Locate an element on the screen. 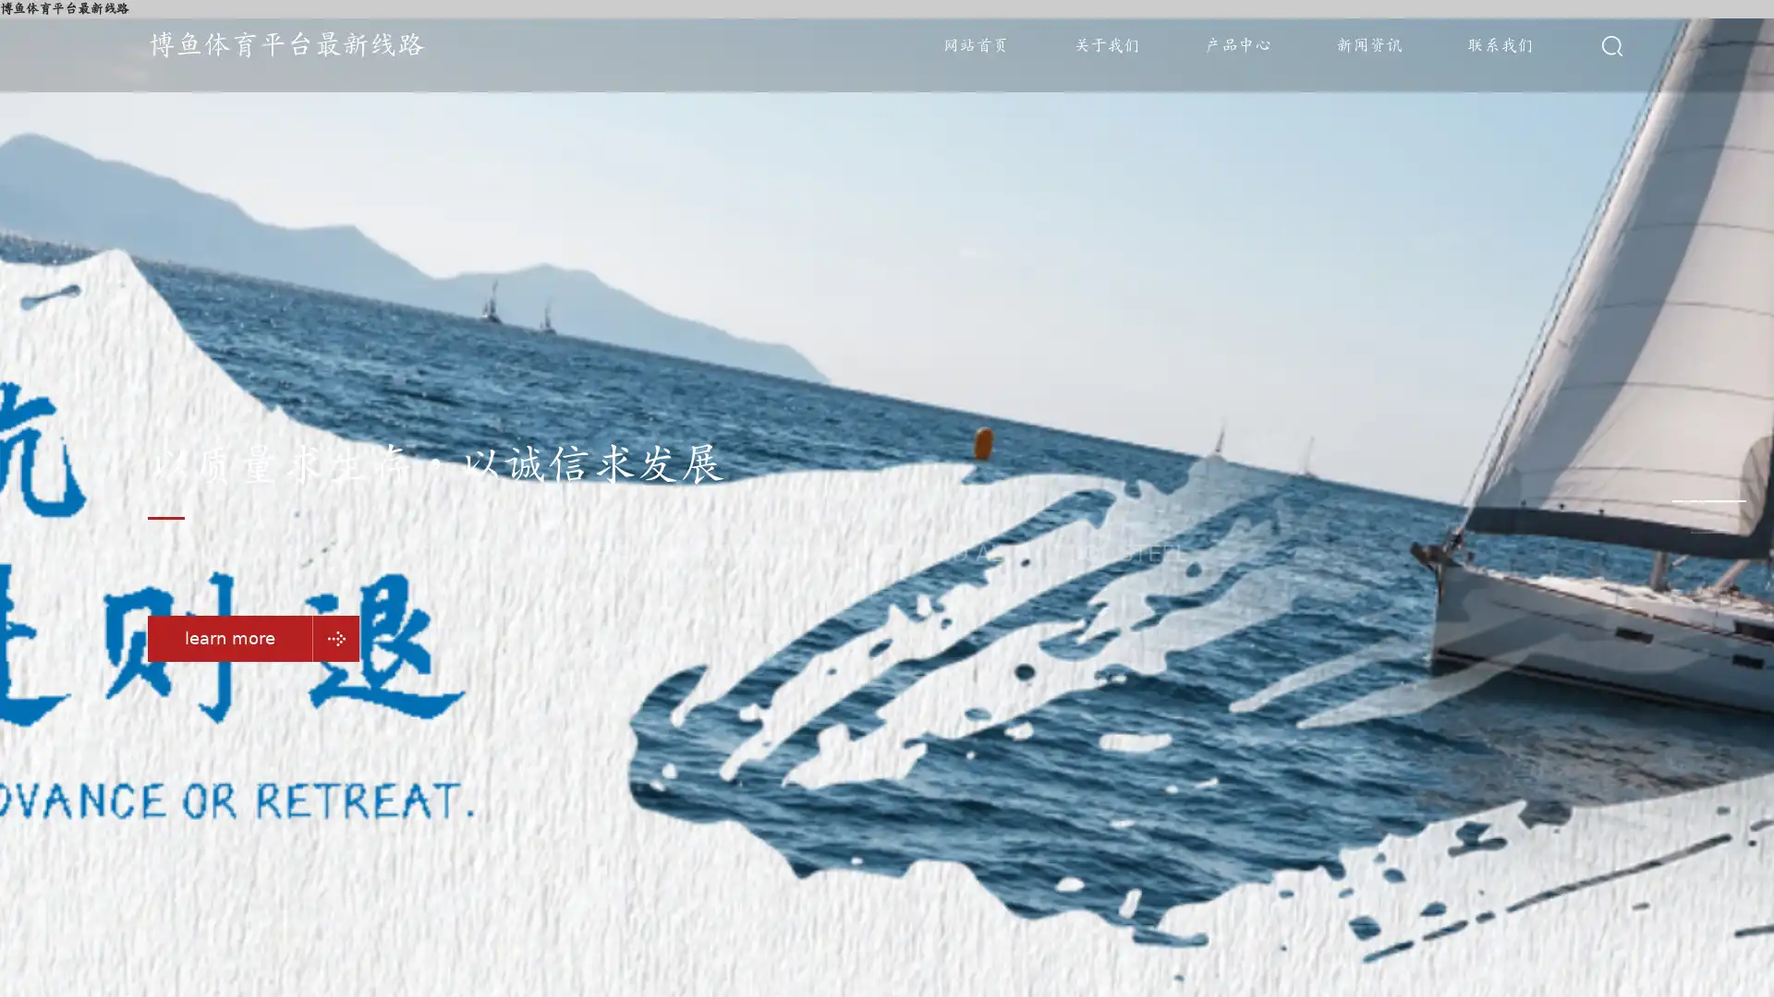 Image resolution: width=1774 pixels, height=997 pixels. Go to slide 3 is located at coordinates (1707, 533).